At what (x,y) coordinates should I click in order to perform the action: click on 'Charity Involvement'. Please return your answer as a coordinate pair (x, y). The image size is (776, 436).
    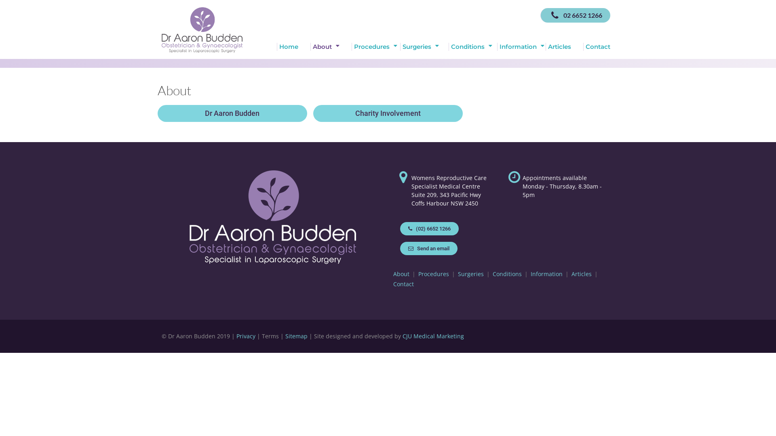
    Looking at the image, I should click on (388, 113).